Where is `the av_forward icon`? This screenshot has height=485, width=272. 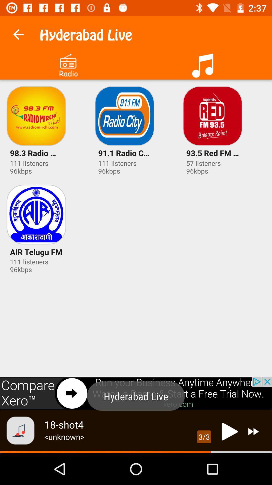
the av_forward icon is located at coordinates (253, 431).